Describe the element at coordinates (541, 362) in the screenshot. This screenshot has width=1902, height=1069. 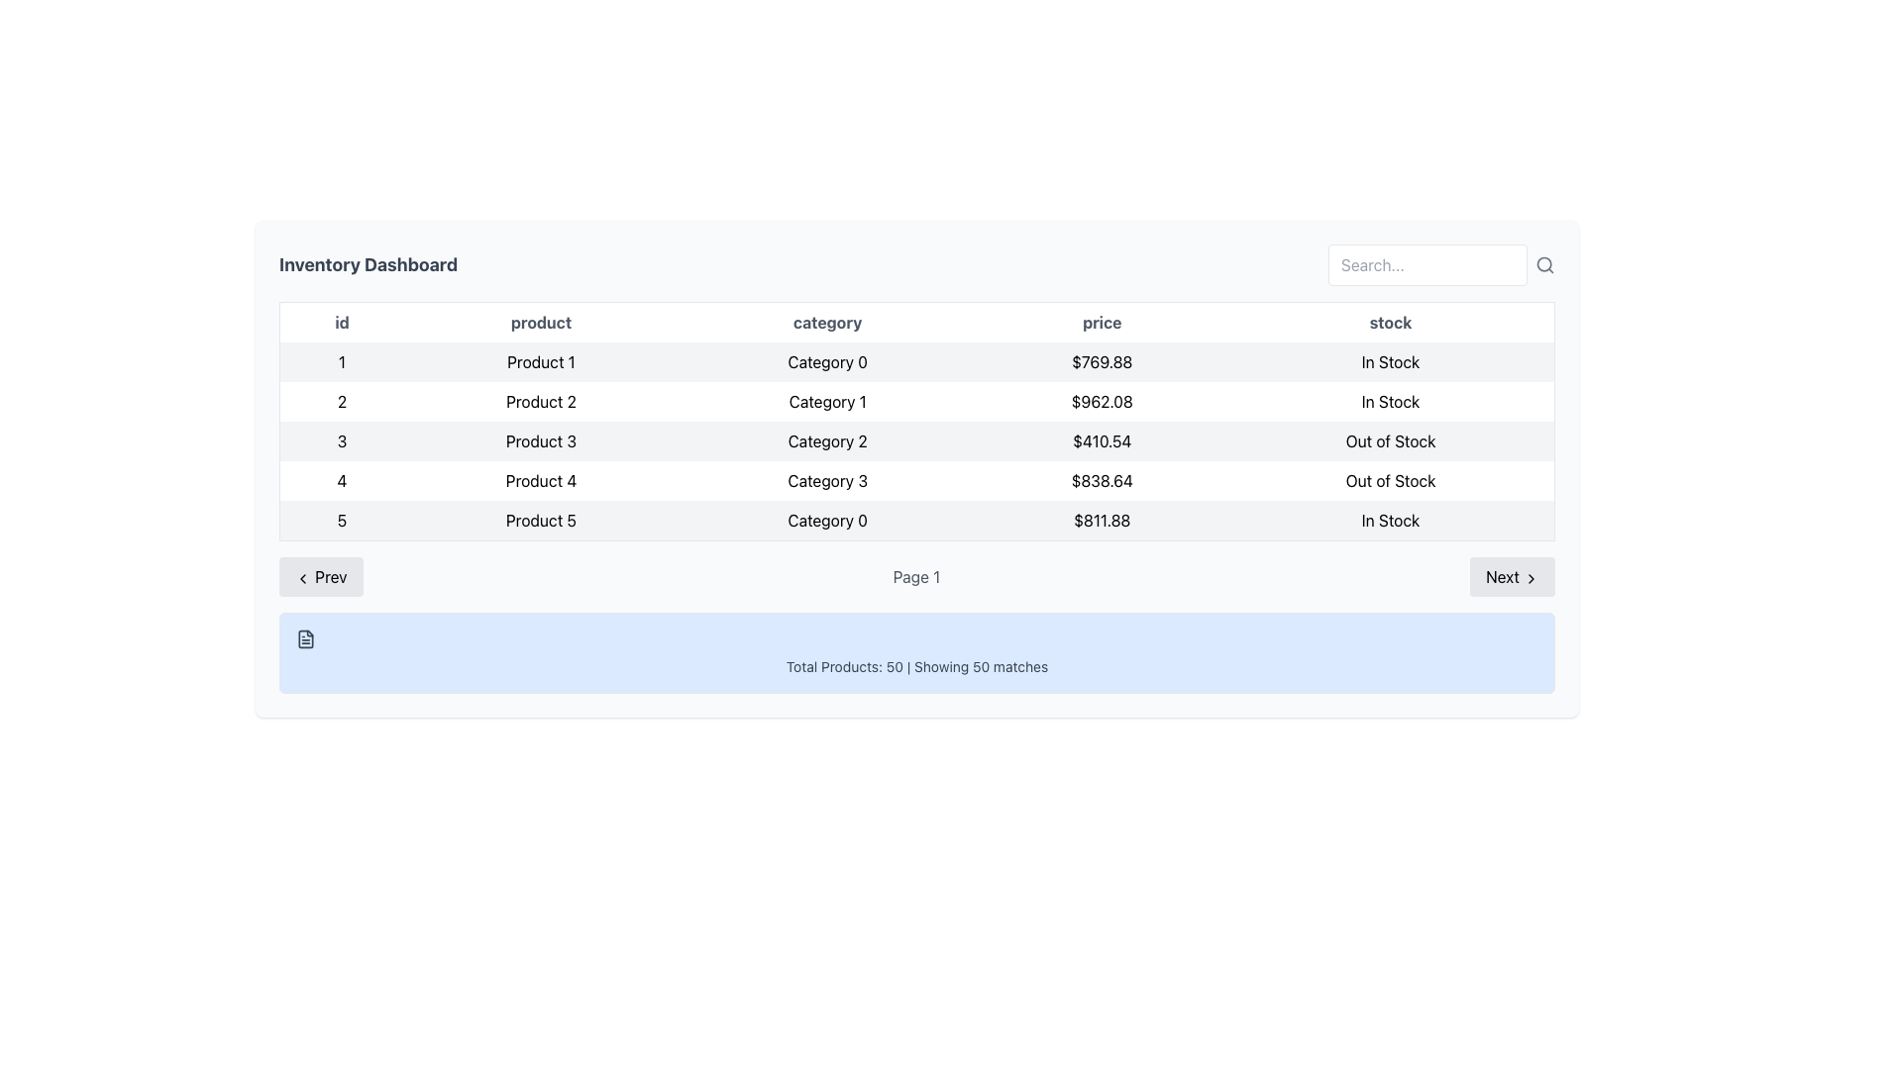
I see `the static text element indicating the product name in the first row of the table, which is centrally aligned under the 'product' column header` at that location.